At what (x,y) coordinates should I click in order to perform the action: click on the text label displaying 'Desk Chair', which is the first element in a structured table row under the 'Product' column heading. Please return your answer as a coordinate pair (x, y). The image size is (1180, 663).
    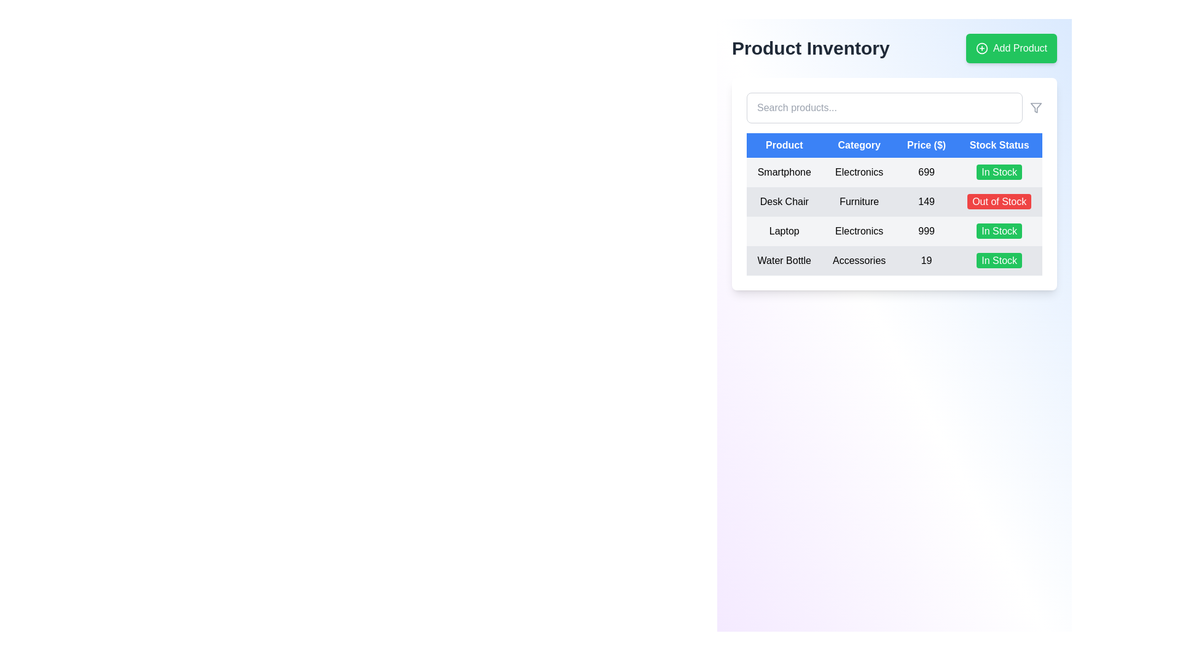
    Looking at the image, I should click on (784, 201).